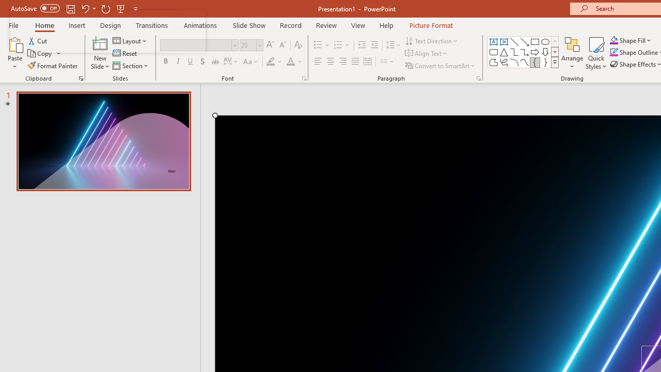 The image size is (661, 372). I want to click on 'More Options', so click(636, 40).